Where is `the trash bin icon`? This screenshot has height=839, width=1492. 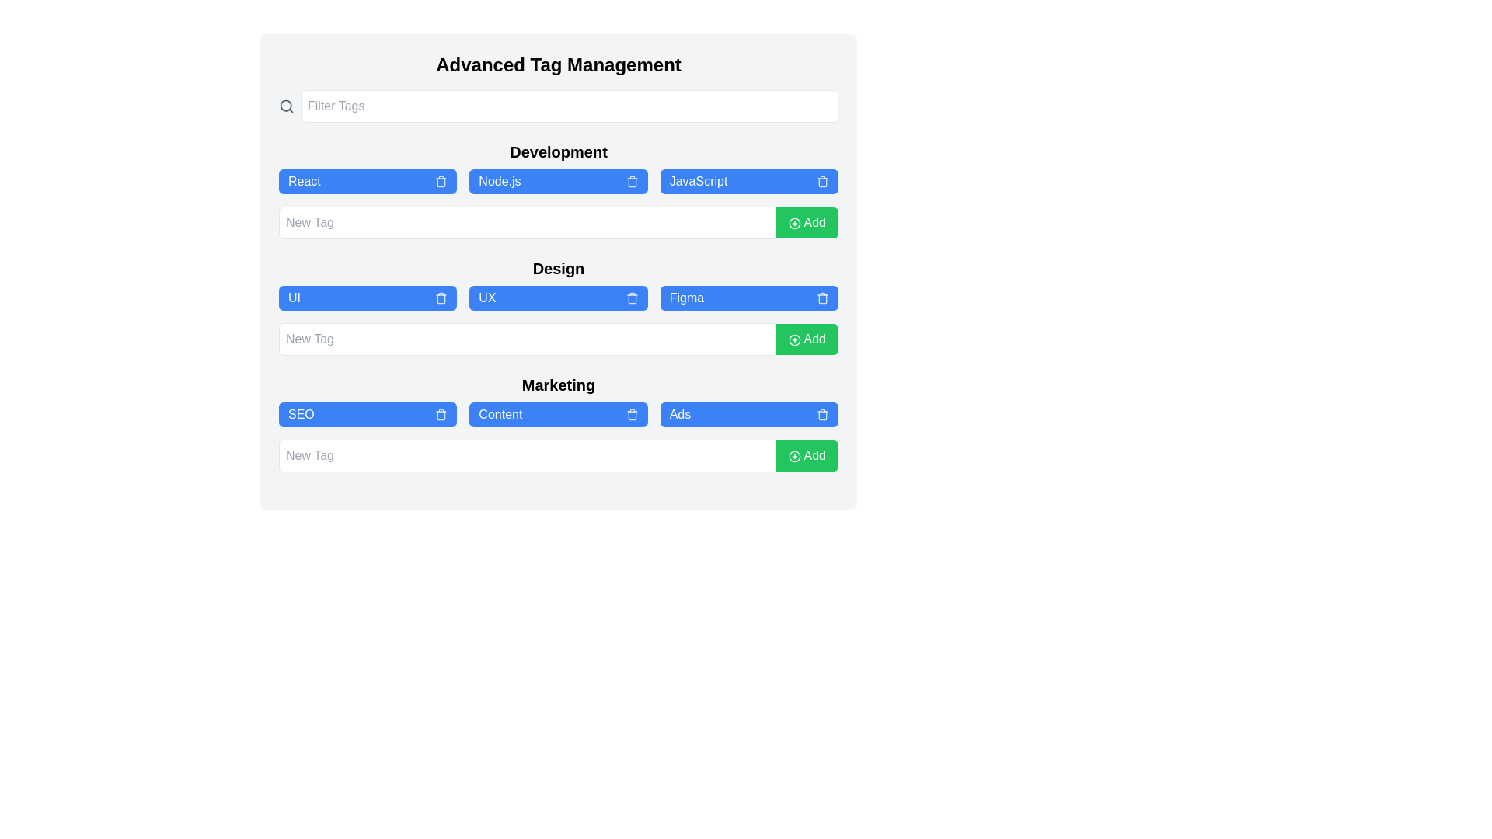
the trash bin icon is located at coordinates (822, 181).